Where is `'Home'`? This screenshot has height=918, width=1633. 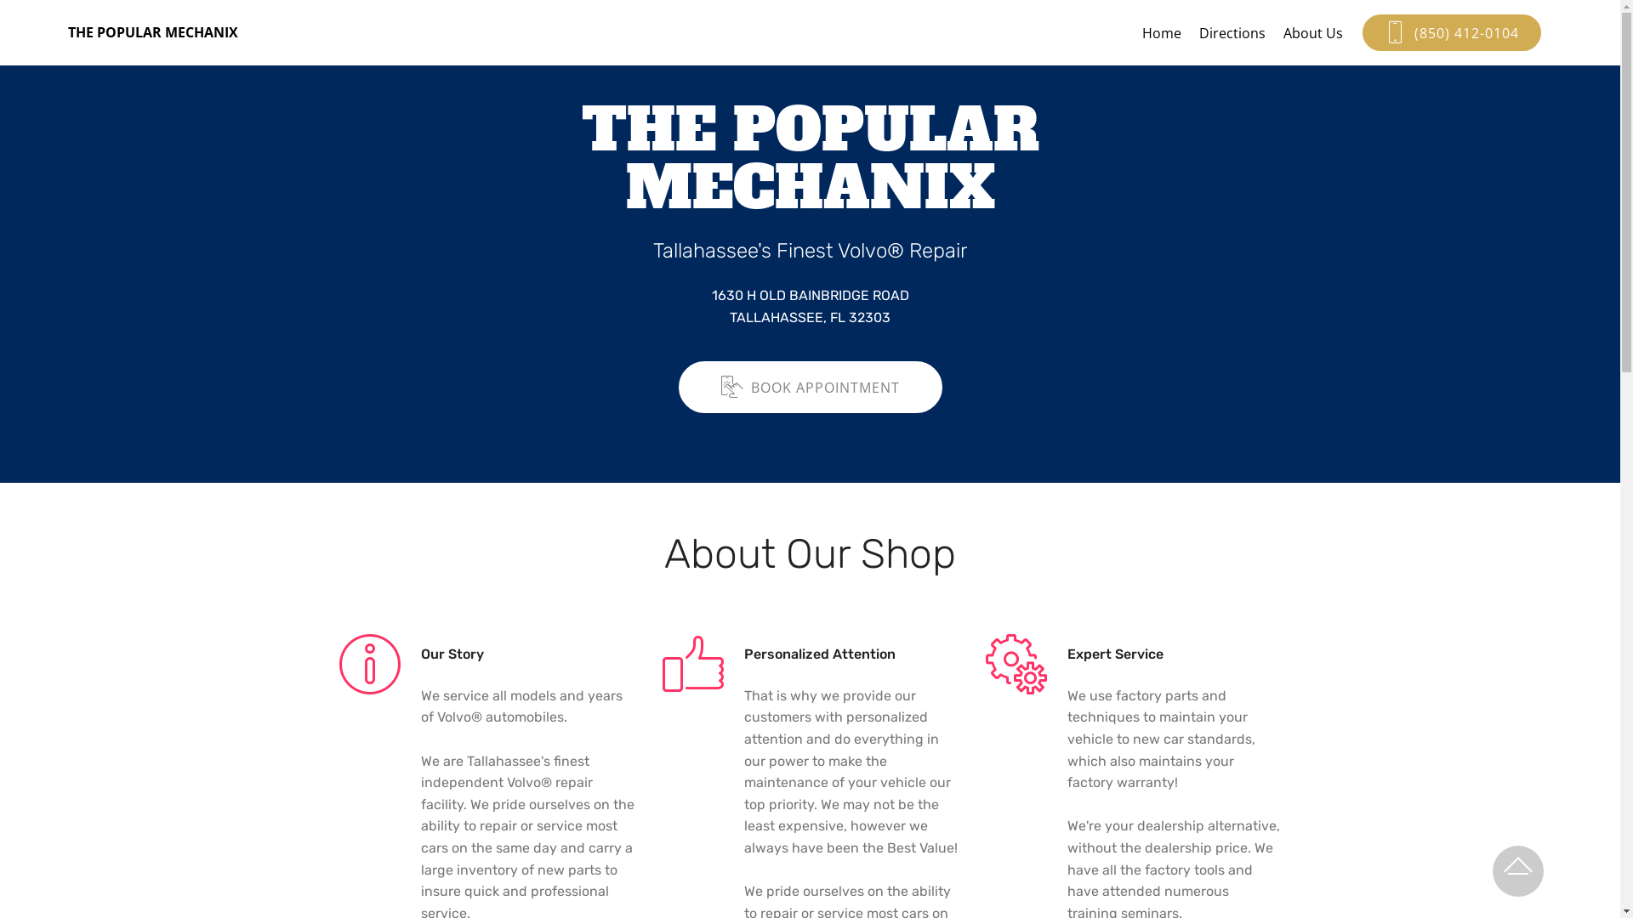
'Home' is located at coordinates (1161, 32).